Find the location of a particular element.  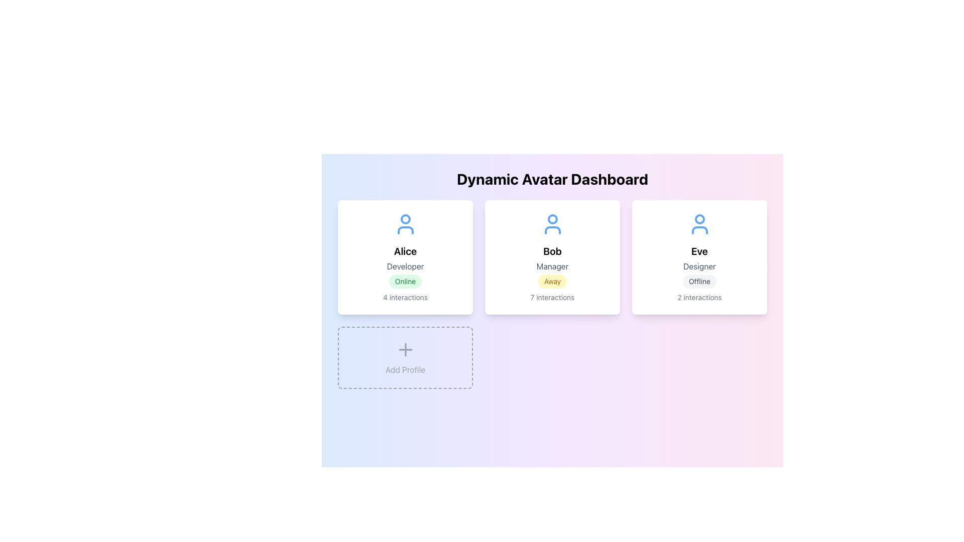

the static text label that describes the purpose of adding a new profile, located within a bordered and dashed box beneath the avatars labeled 'Alice,' 'Bob,' and 'Eve.' is located at coordinates (405, 369).